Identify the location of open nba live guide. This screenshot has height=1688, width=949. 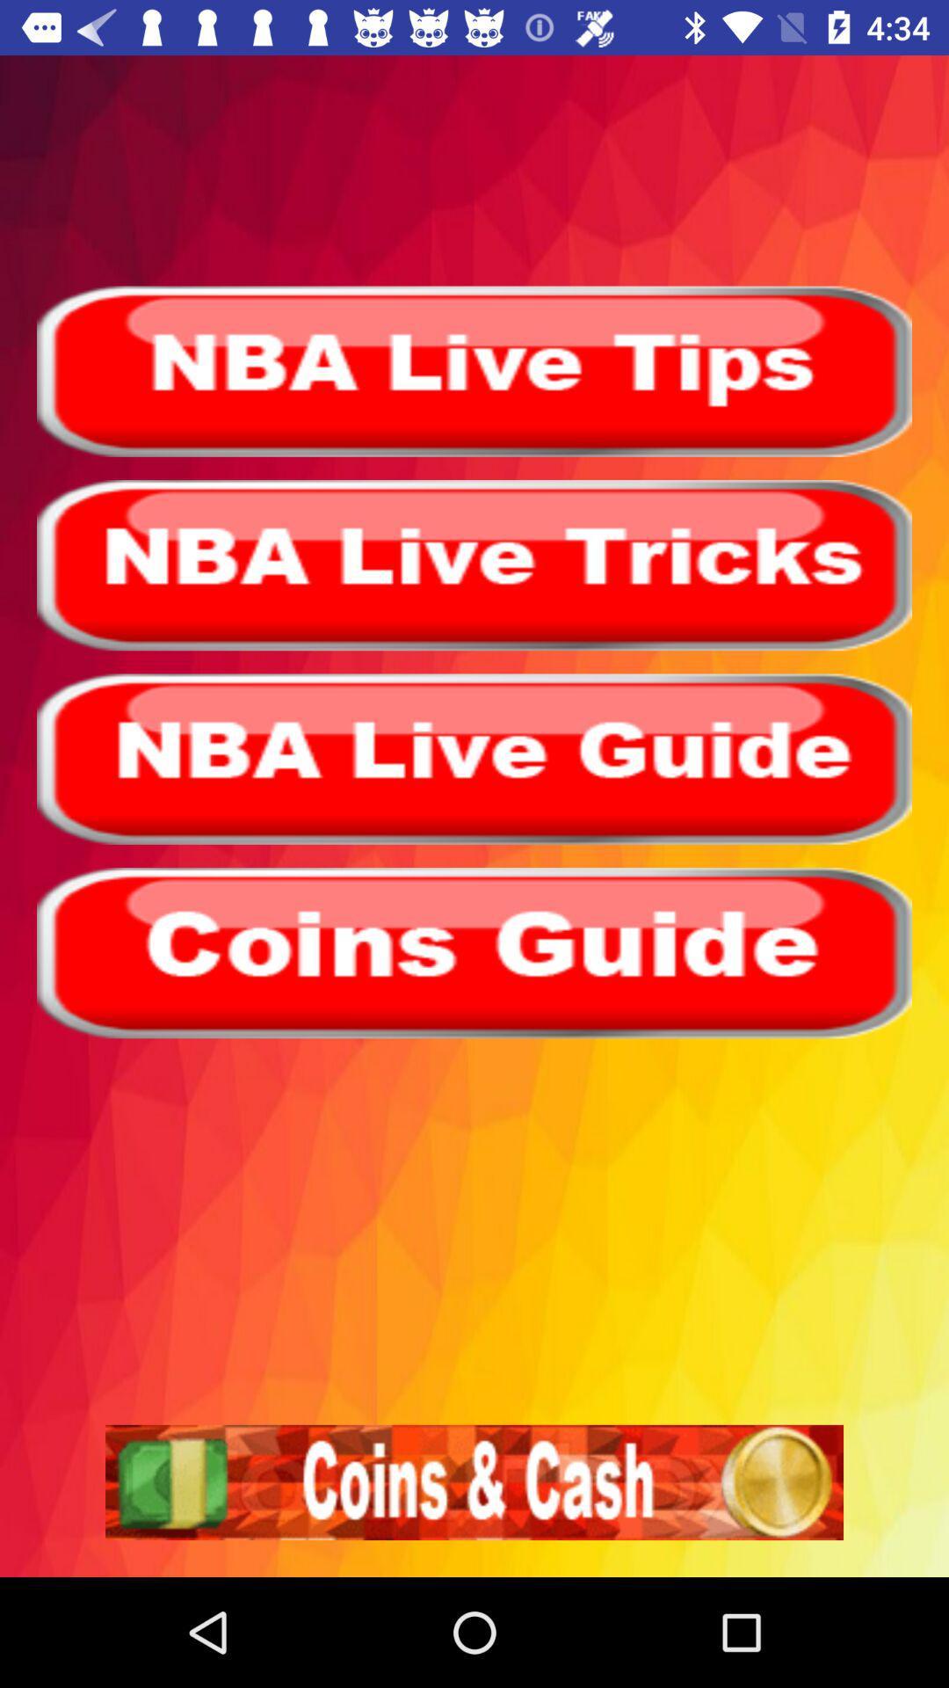
(474, 759).